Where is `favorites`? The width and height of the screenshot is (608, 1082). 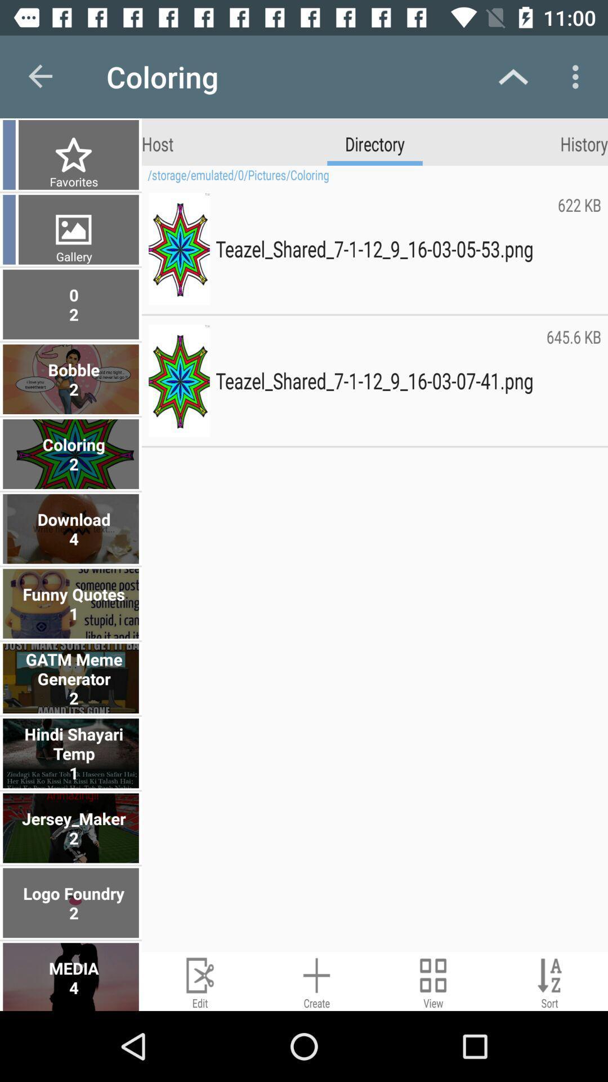 favorites is located at coordinates (72, 181).